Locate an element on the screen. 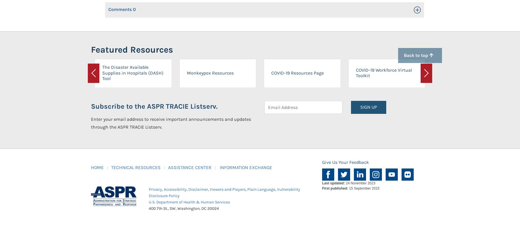 The image size is (520, 226). 'Enter your email address to receive important announcements and updates through the ASPR TRACIE Listserv.' is located at coordinates (171, 123).